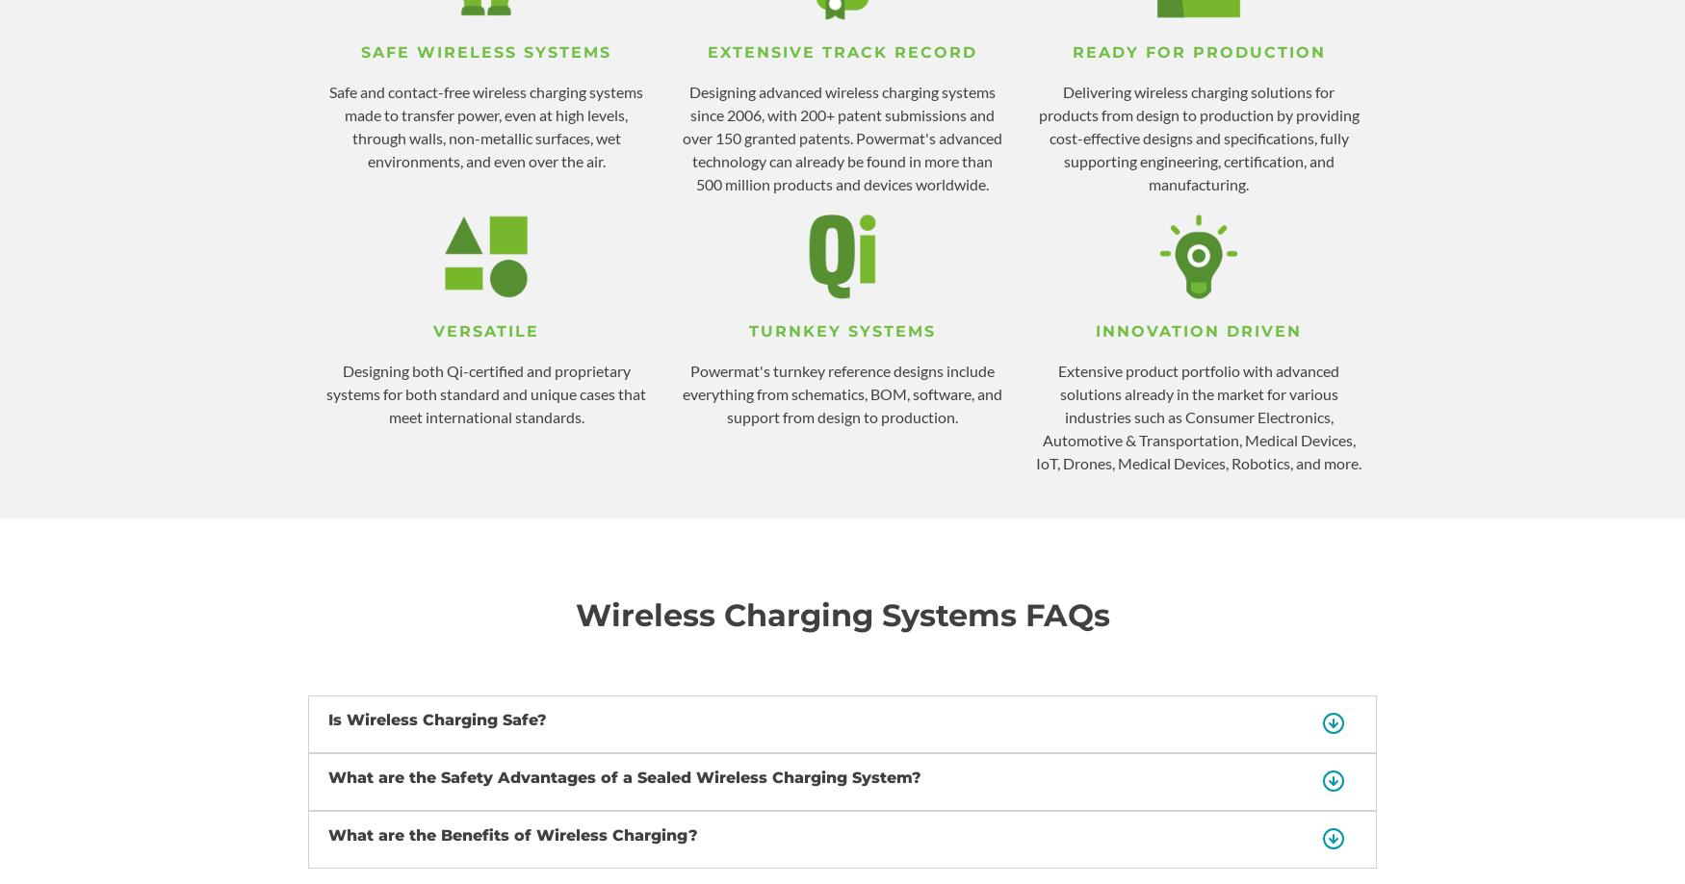  Describe the element at coordinates (437, 720) in the screenshot. I see `'Is Wireless Charging Safe?'` at that location.